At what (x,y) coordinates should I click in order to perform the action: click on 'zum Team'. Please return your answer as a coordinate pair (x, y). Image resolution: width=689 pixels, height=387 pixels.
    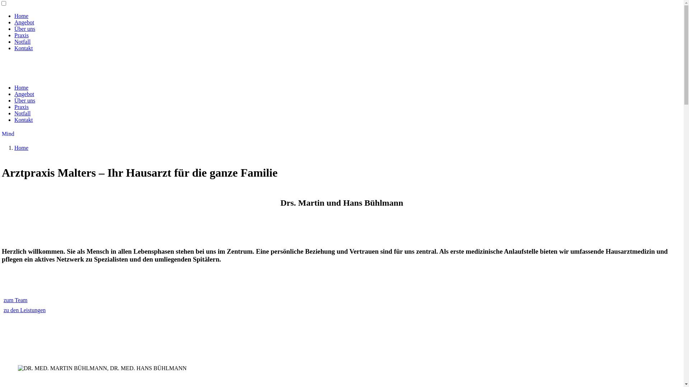
    Looking at the image, I should click on (15, 300).